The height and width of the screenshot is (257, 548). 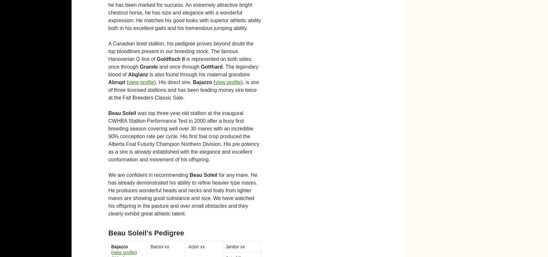 What do you see at coordinates (159, 246) in the screenshot?
I see `'Barsoi xx'` at bounding box center [159, 246].